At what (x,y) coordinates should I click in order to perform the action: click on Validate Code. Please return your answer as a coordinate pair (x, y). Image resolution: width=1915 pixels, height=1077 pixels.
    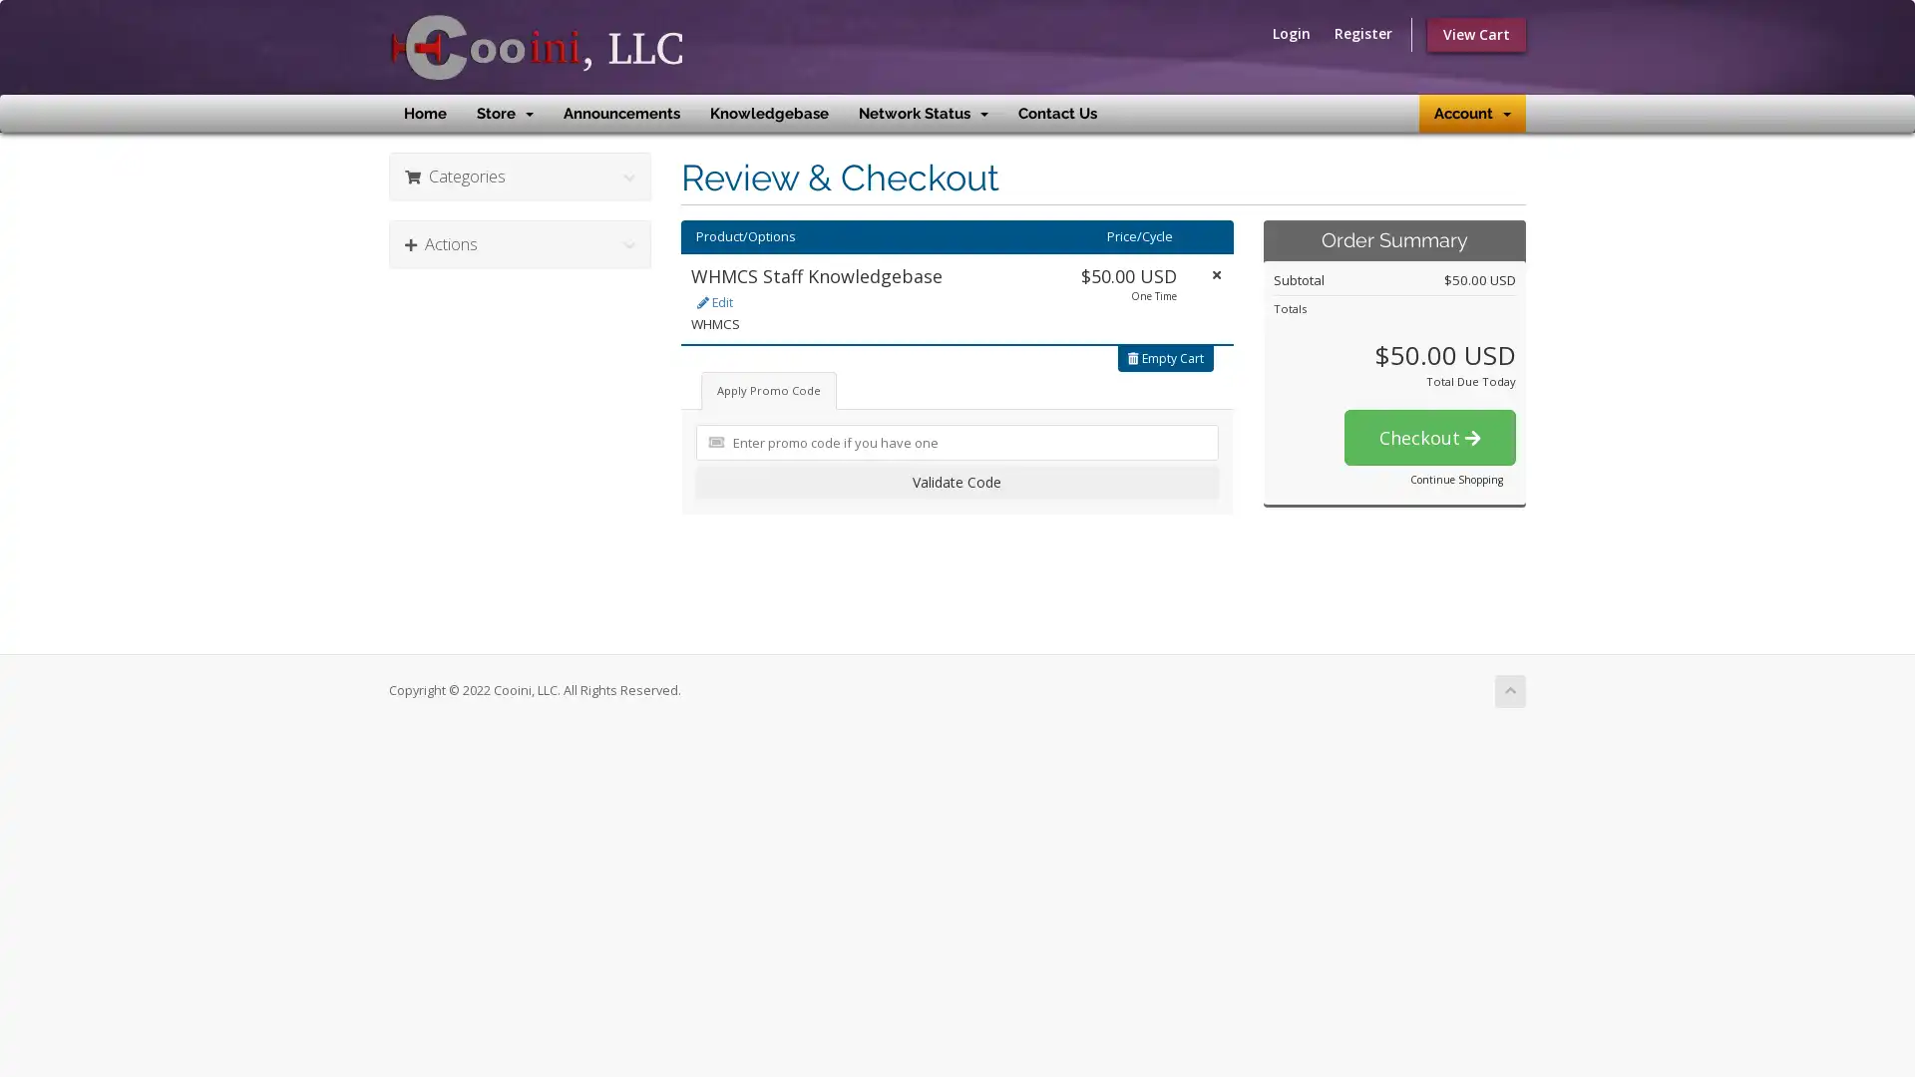
    Looking at the image, I should click on (956, 481).